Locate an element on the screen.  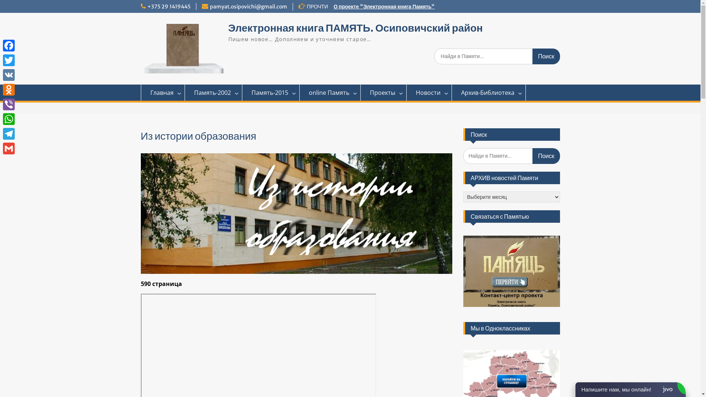
'Viber' is located at coordinates (9, 104).